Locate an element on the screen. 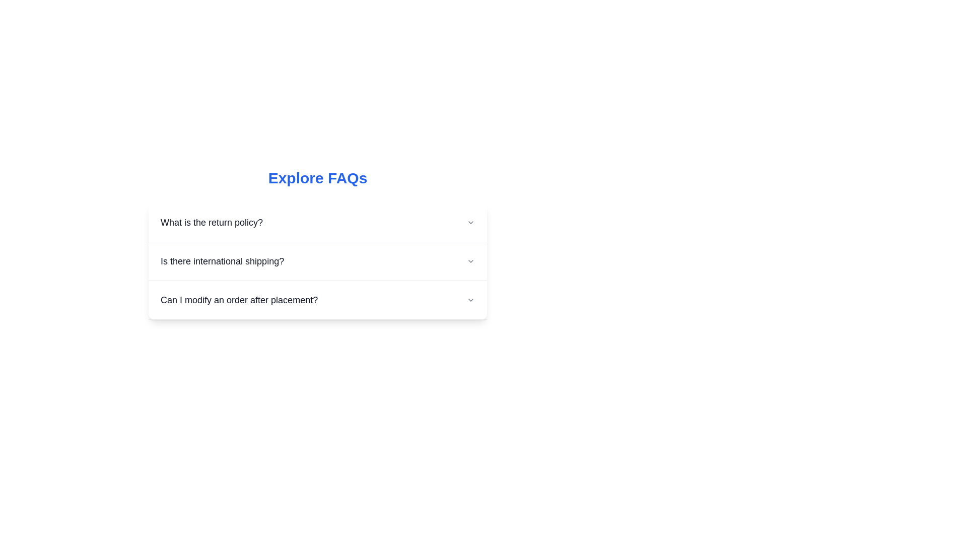  the downward-pointing chevron icon located to the right of the text 'Is there international shipping?' is located at coordinates (470, 261).